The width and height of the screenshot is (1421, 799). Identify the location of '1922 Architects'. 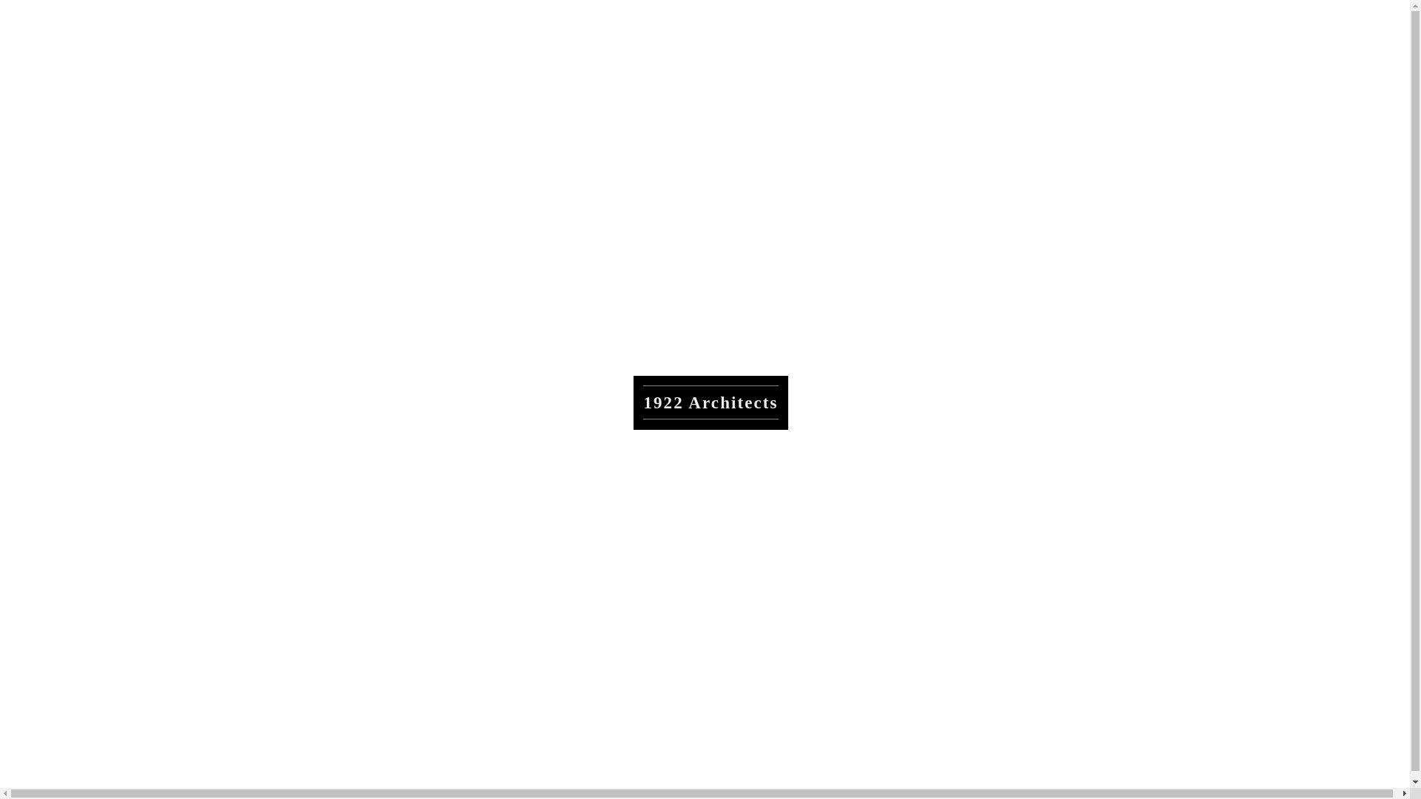
(710, 402).